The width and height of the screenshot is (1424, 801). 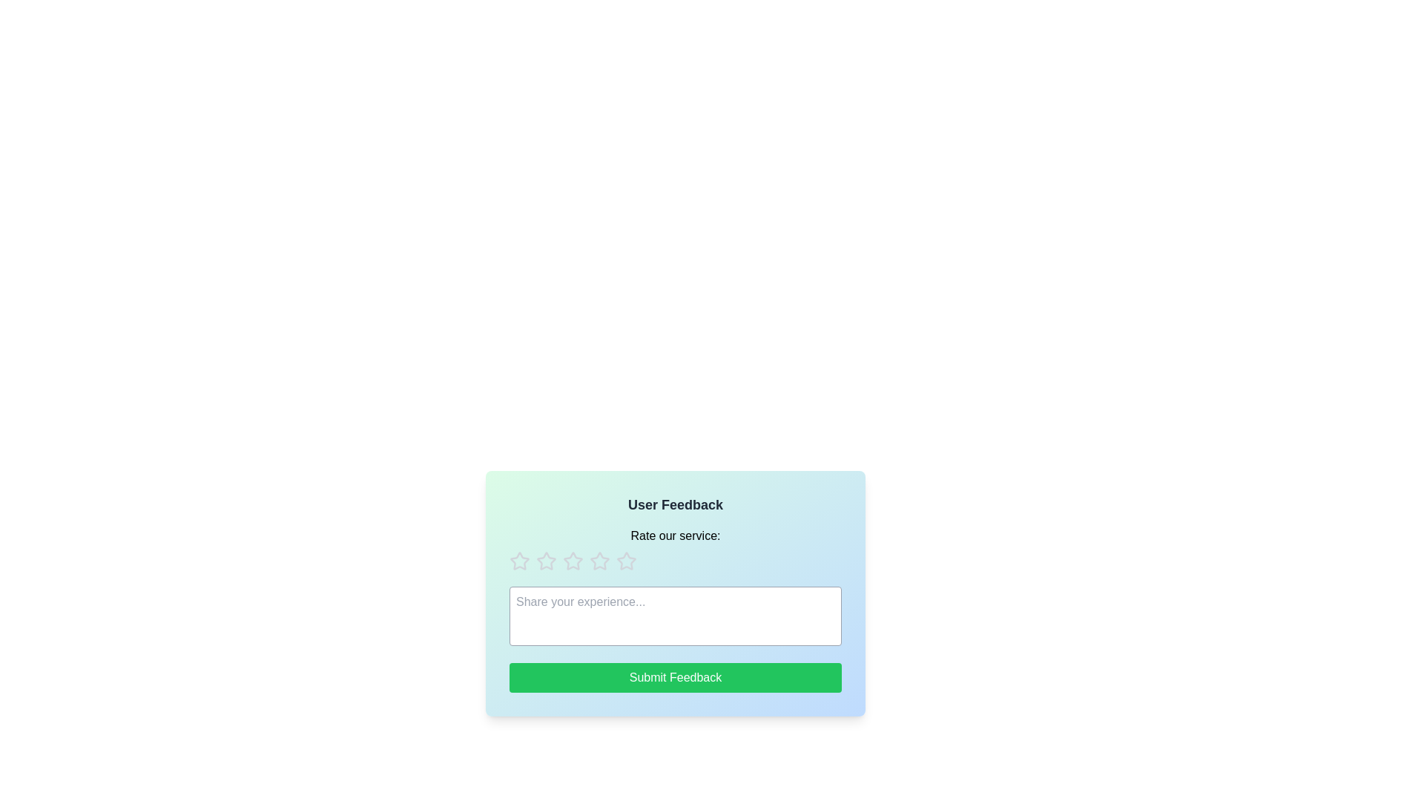 I want to click on the leftmost star button in the rating section, so click(x=519, y=561).